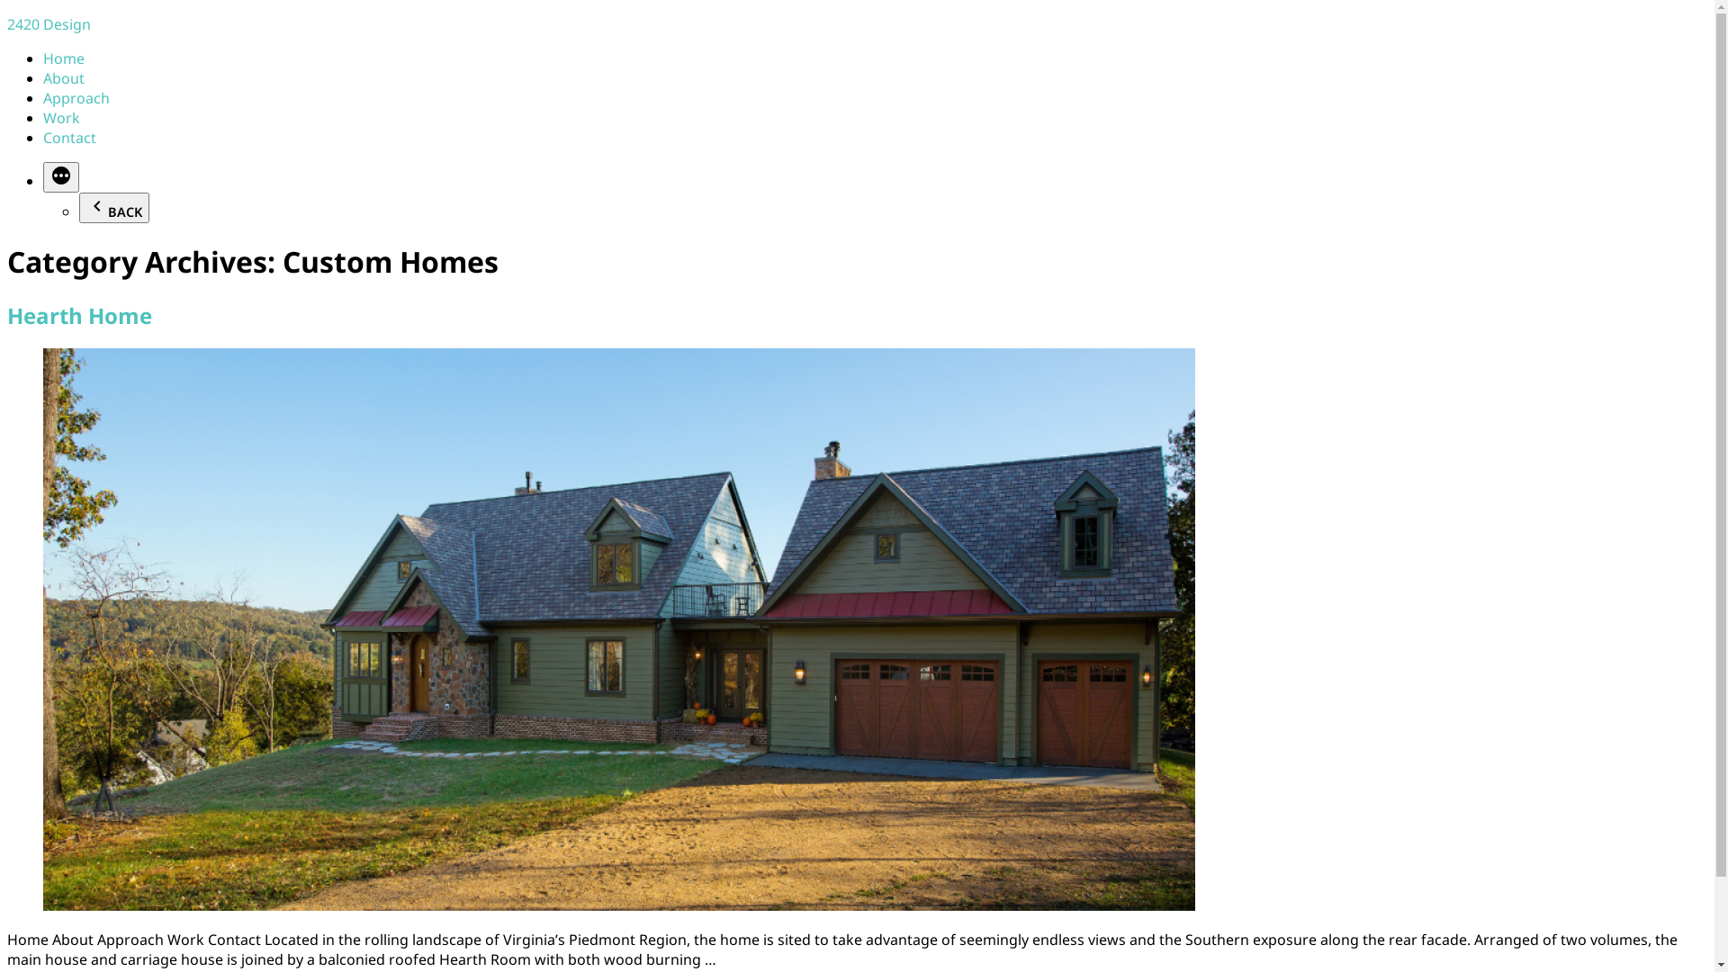 The height and width of the screenshot is (972, 1728). What do you see at coordinates (64, 77) in the screenshot?
I see `'About'` at bounding box center [64, 77].